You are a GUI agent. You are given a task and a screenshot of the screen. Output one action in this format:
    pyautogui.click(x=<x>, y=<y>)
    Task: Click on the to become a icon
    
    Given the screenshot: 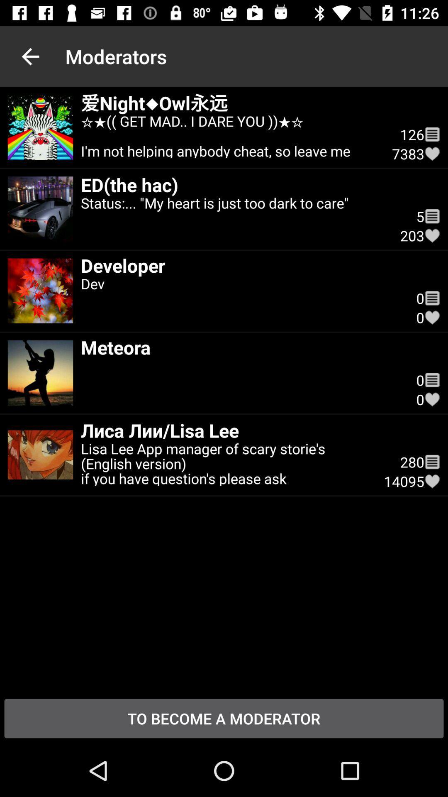 What is the action you would take?
    pyautogui.click(x=224, y=718)
    